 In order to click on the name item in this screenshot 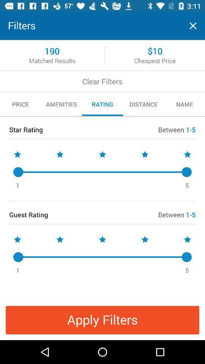, I will do `click(184, 104)`.